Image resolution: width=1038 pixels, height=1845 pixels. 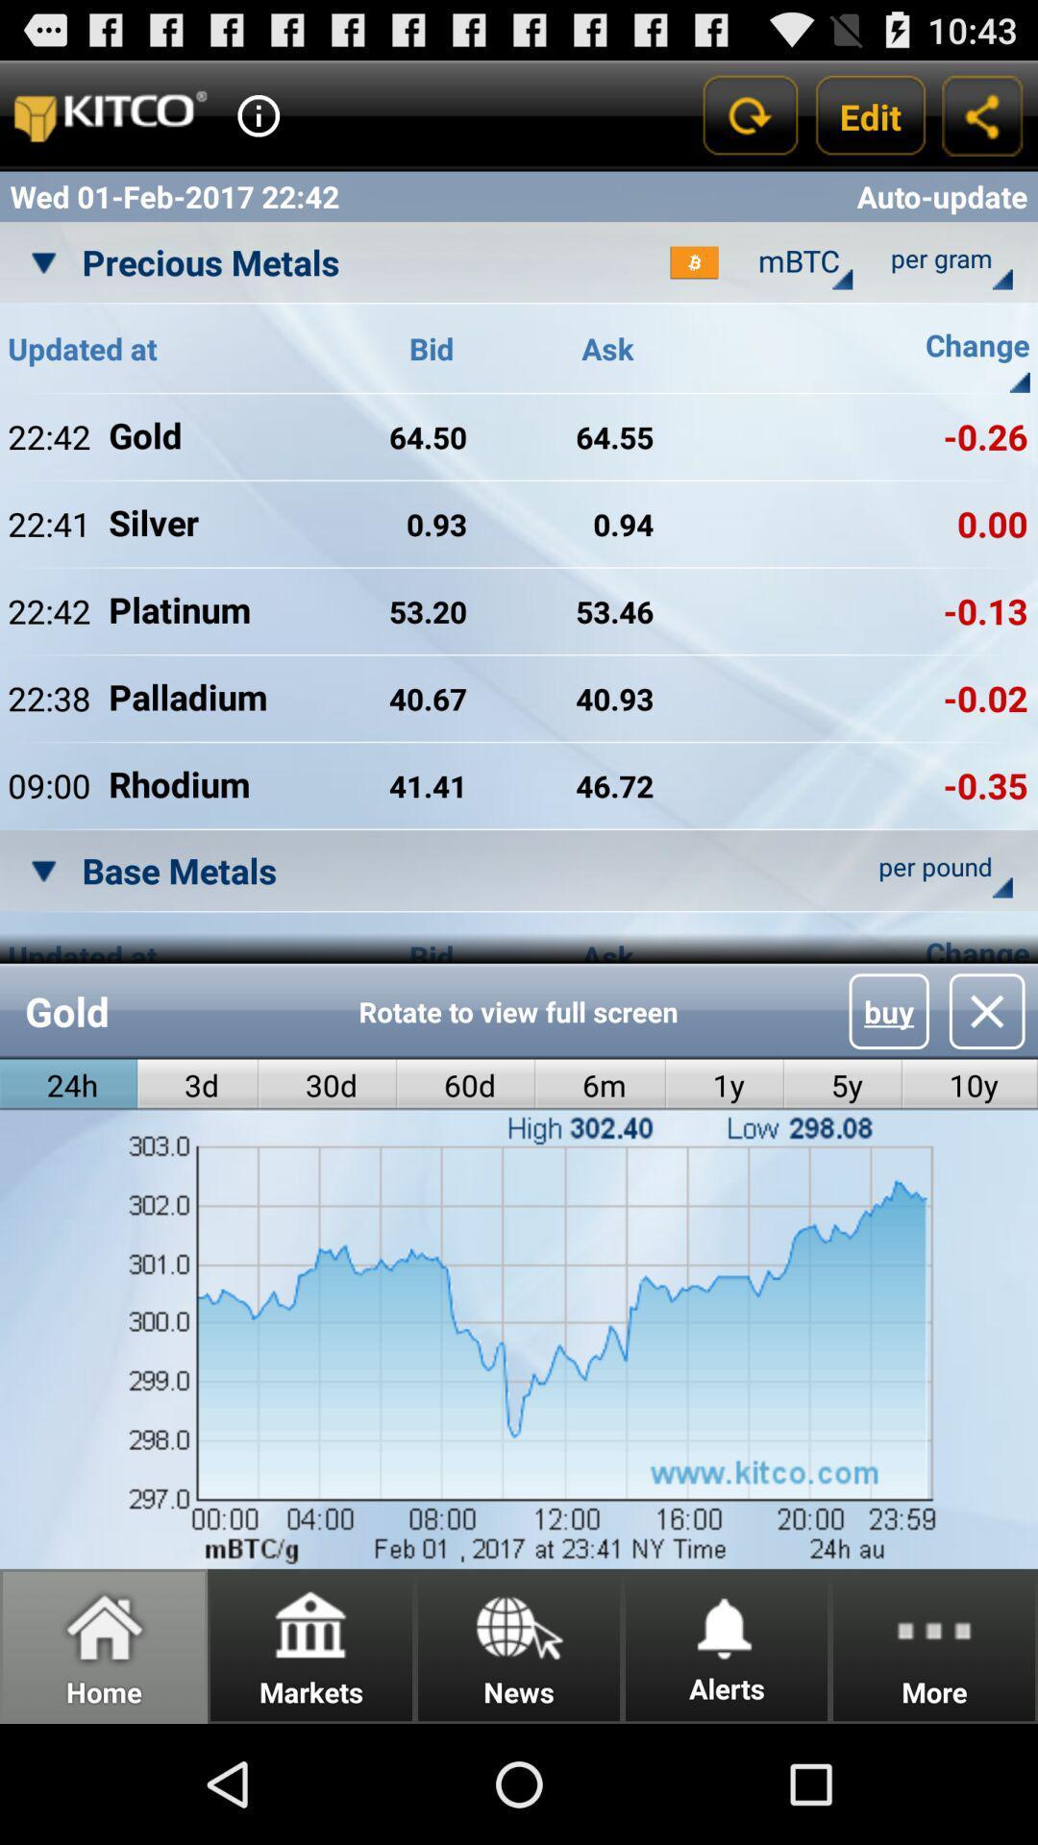 What do you see at coordinates (889, 1010) in the screenshot?
I see `icon to the right of 1y` at bounding box center [889, 1010].